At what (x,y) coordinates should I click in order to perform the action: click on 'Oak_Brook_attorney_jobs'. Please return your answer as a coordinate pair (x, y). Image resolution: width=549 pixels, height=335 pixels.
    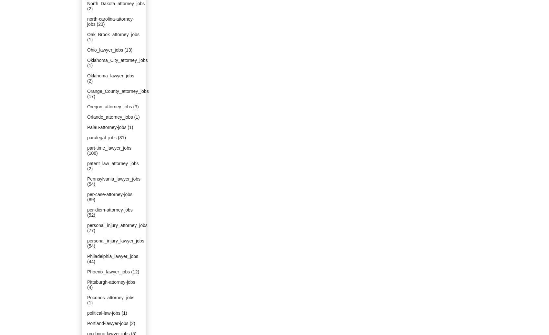
    Looking at the image, I should click on (113, 34).